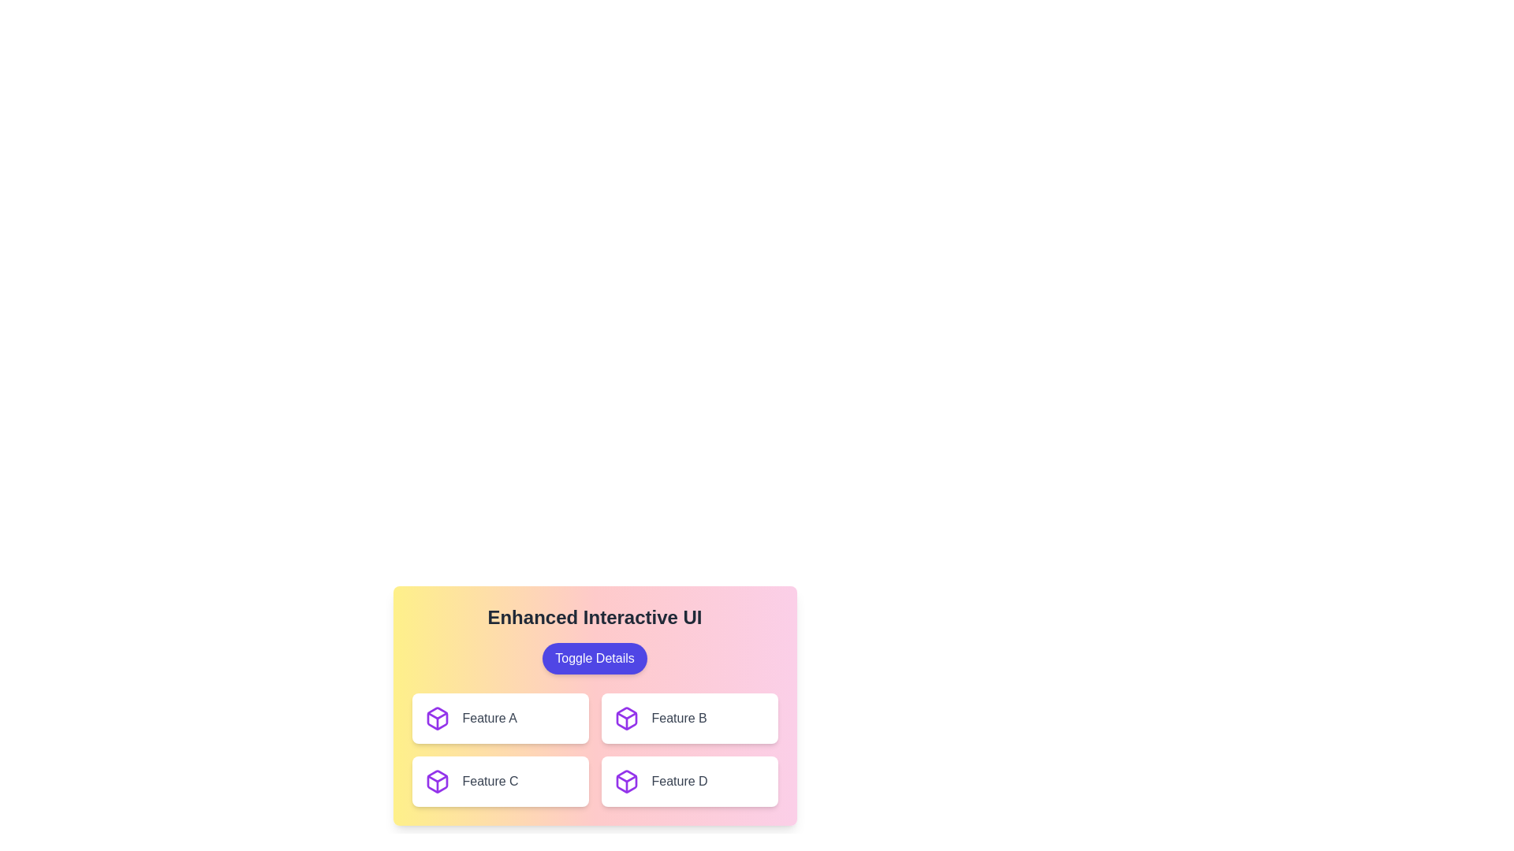 This screenshot has width=1514, height=851. Describe the element at coordinates (489, 718) in the screenshot. I see `the label or title element located at the bottom of the main interactive area of the feature block grid, which provides descriptive text for the paired icon and feature functionality` at that location.